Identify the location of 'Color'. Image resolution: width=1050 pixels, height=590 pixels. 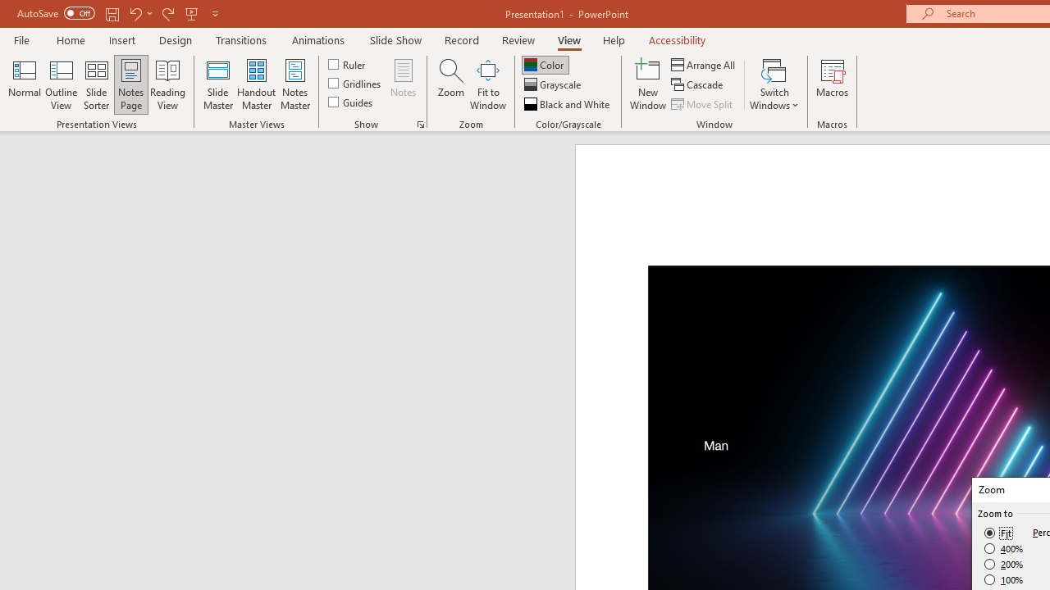
(545, 64).